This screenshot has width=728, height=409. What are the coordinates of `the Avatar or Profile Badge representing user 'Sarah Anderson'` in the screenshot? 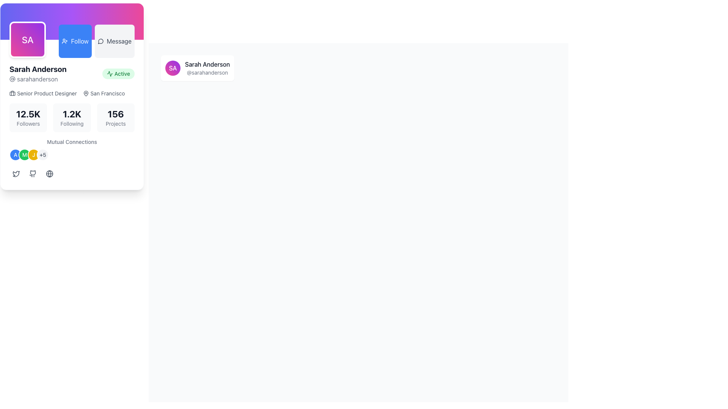 It's located at (173, 68).